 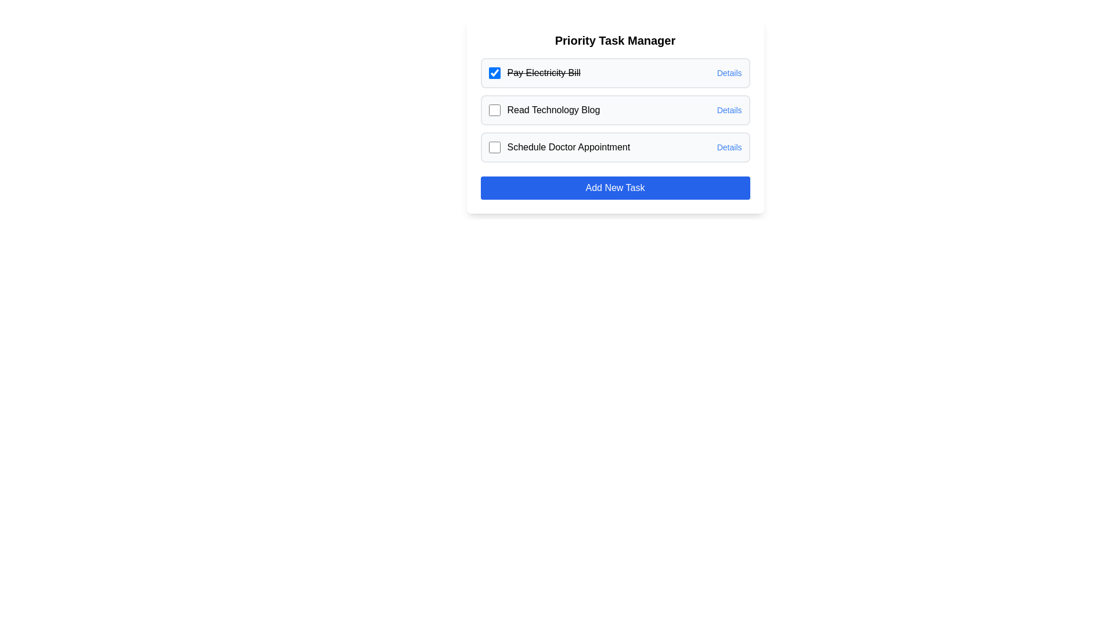 What do you see at coordinates (729, 147) in the screenshot?
I see `the 'Details' link for the task 'Schedule Doctor Appointment'` at bounding box center [729, 147].